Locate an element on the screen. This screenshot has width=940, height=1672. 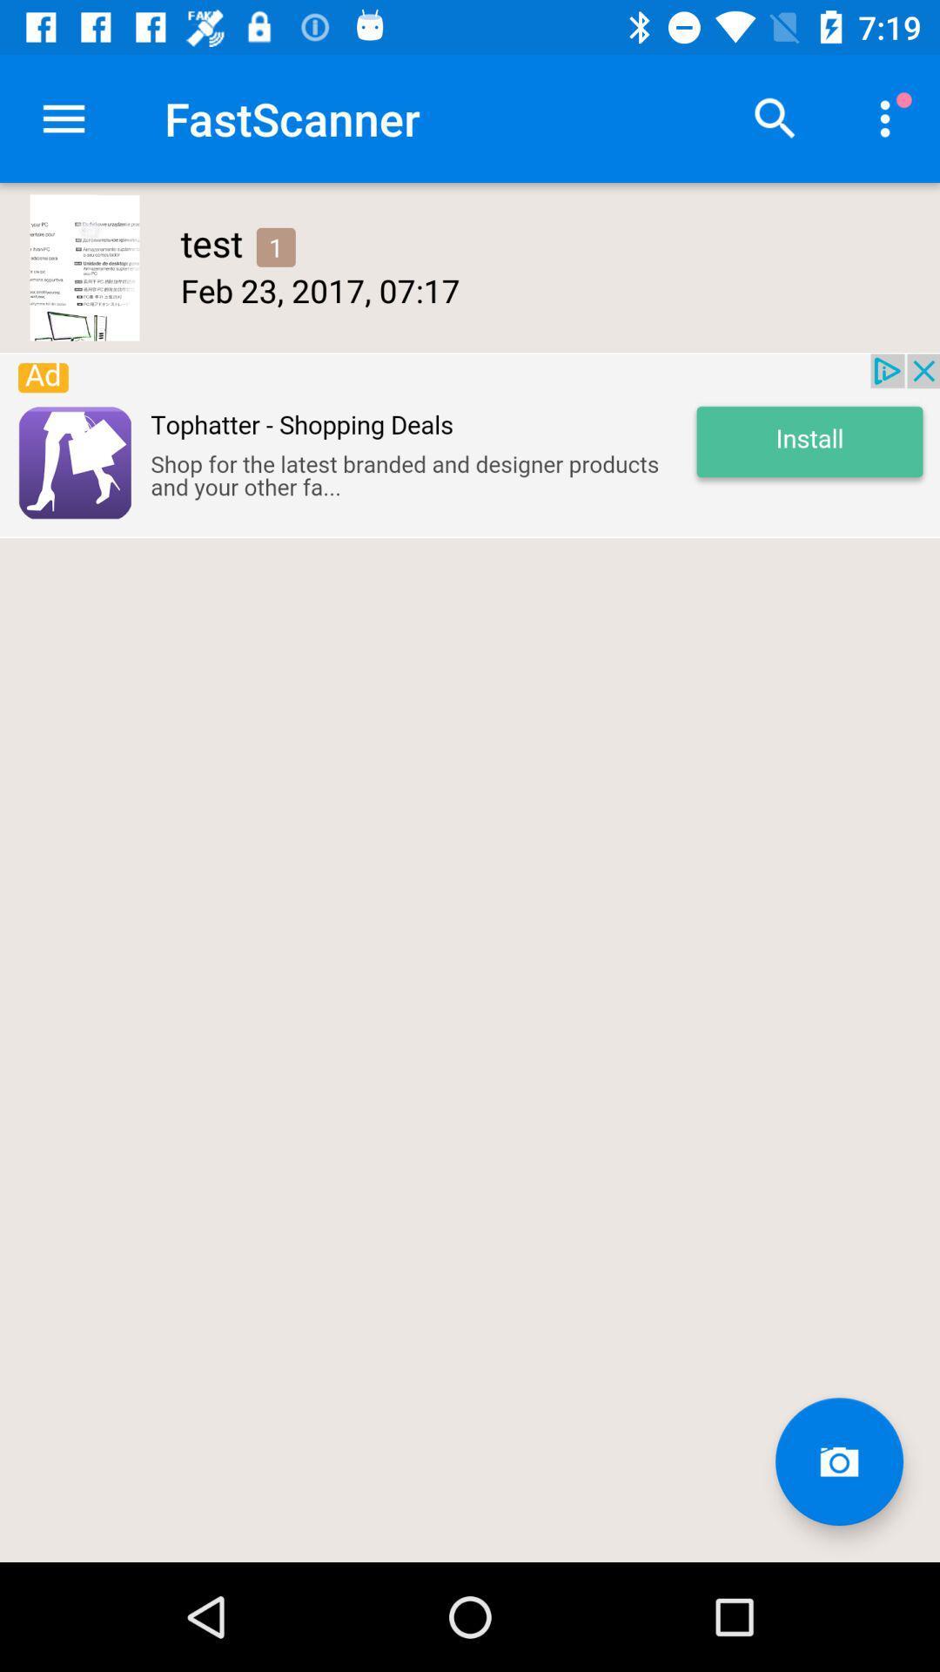
menu is located at coordinates (63, 118).